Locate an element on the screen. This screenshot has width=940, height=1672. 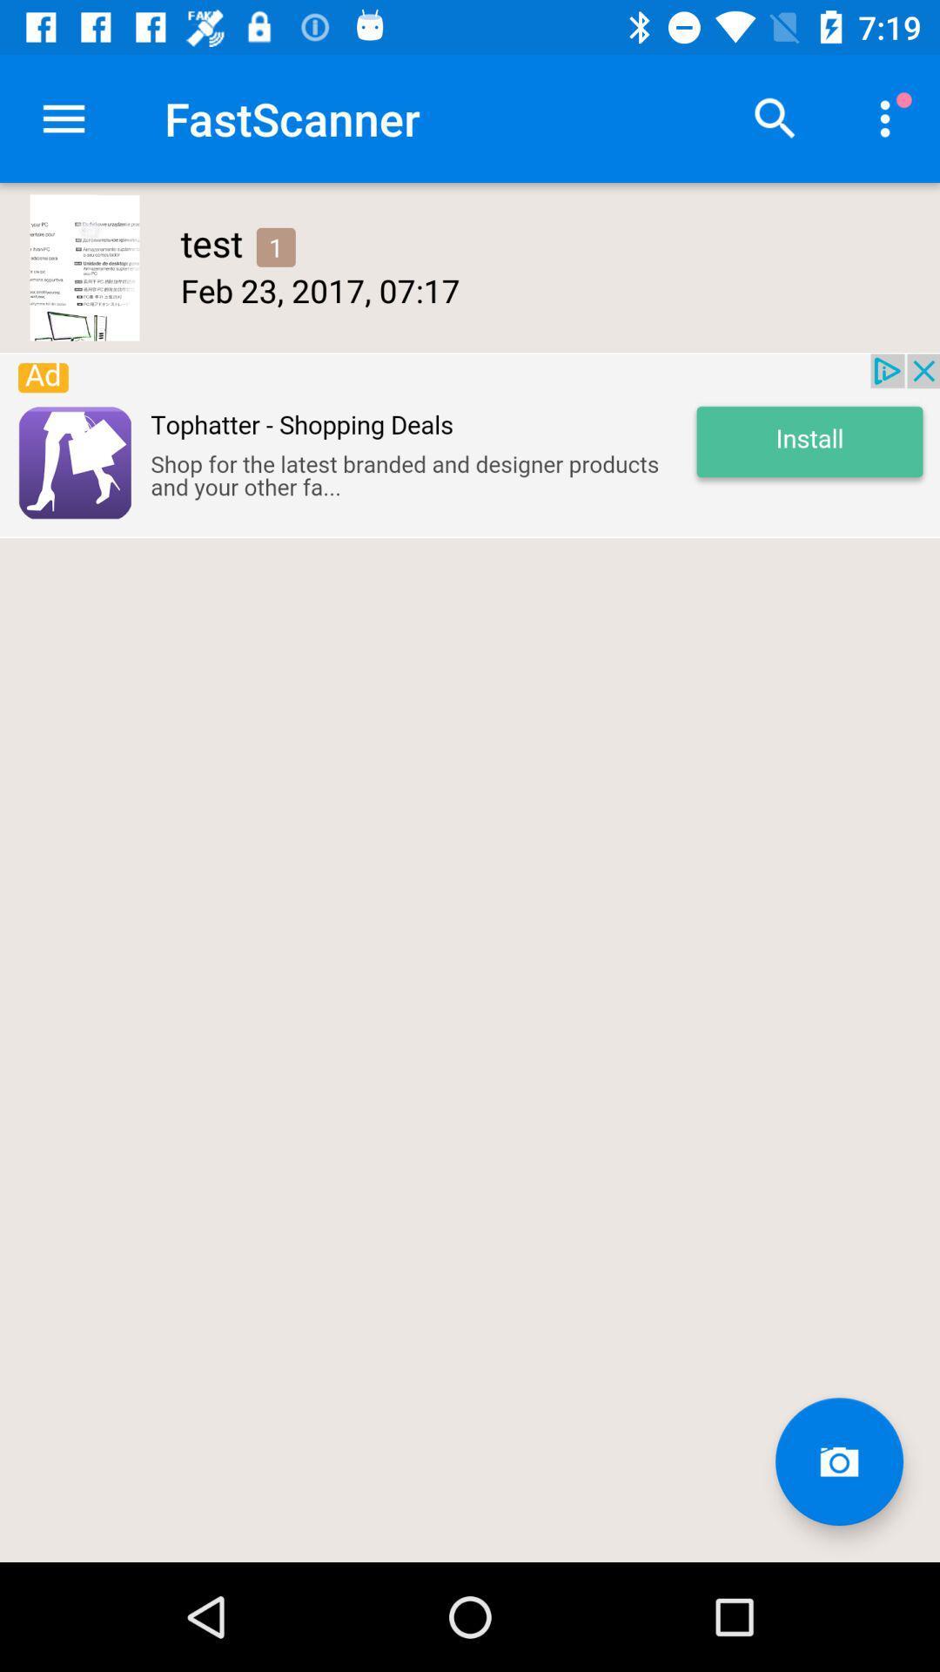
menu is located at coordinates (63, 118).